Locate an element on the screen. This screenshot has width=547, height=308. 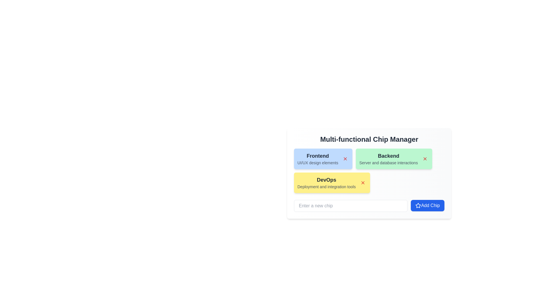
the button for adding a new item or 'chip' is located at coordinates (428, 206).